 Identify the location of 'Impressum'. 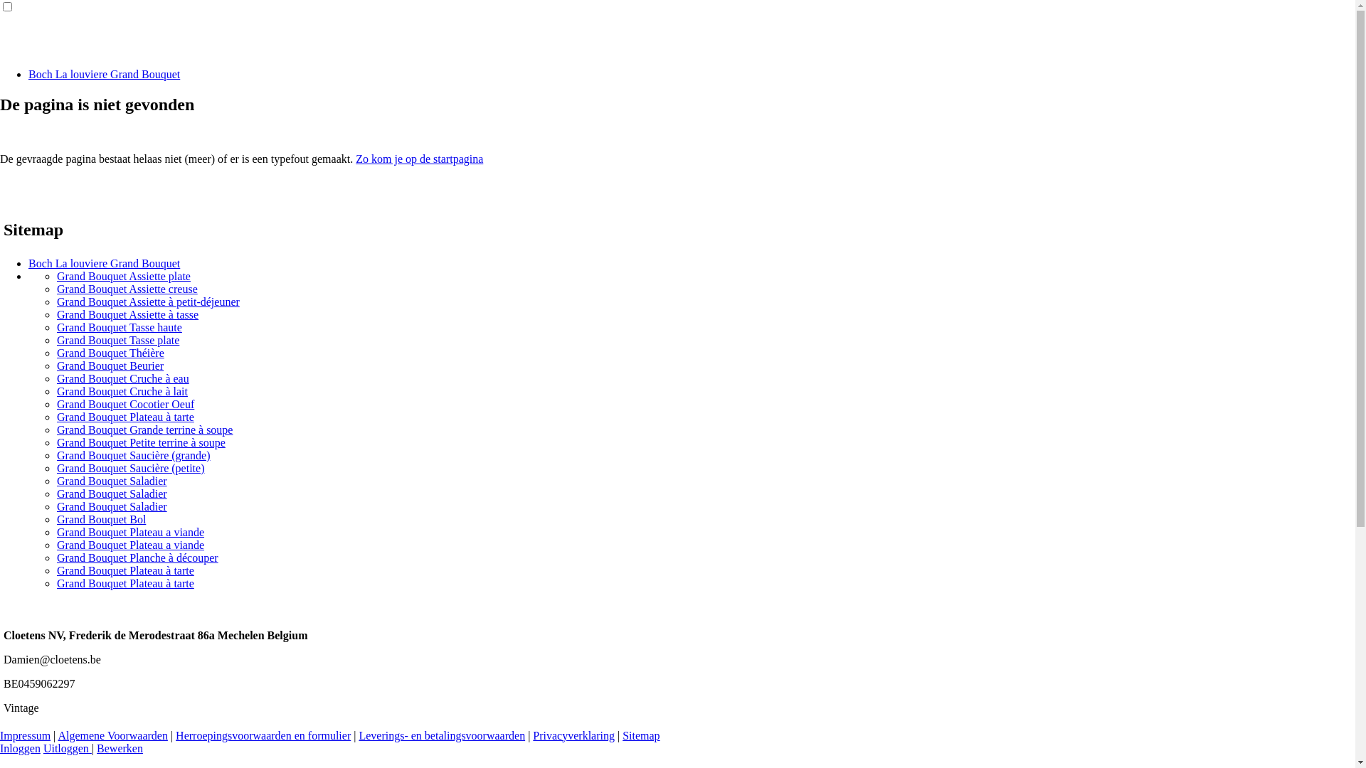
(0, 735).